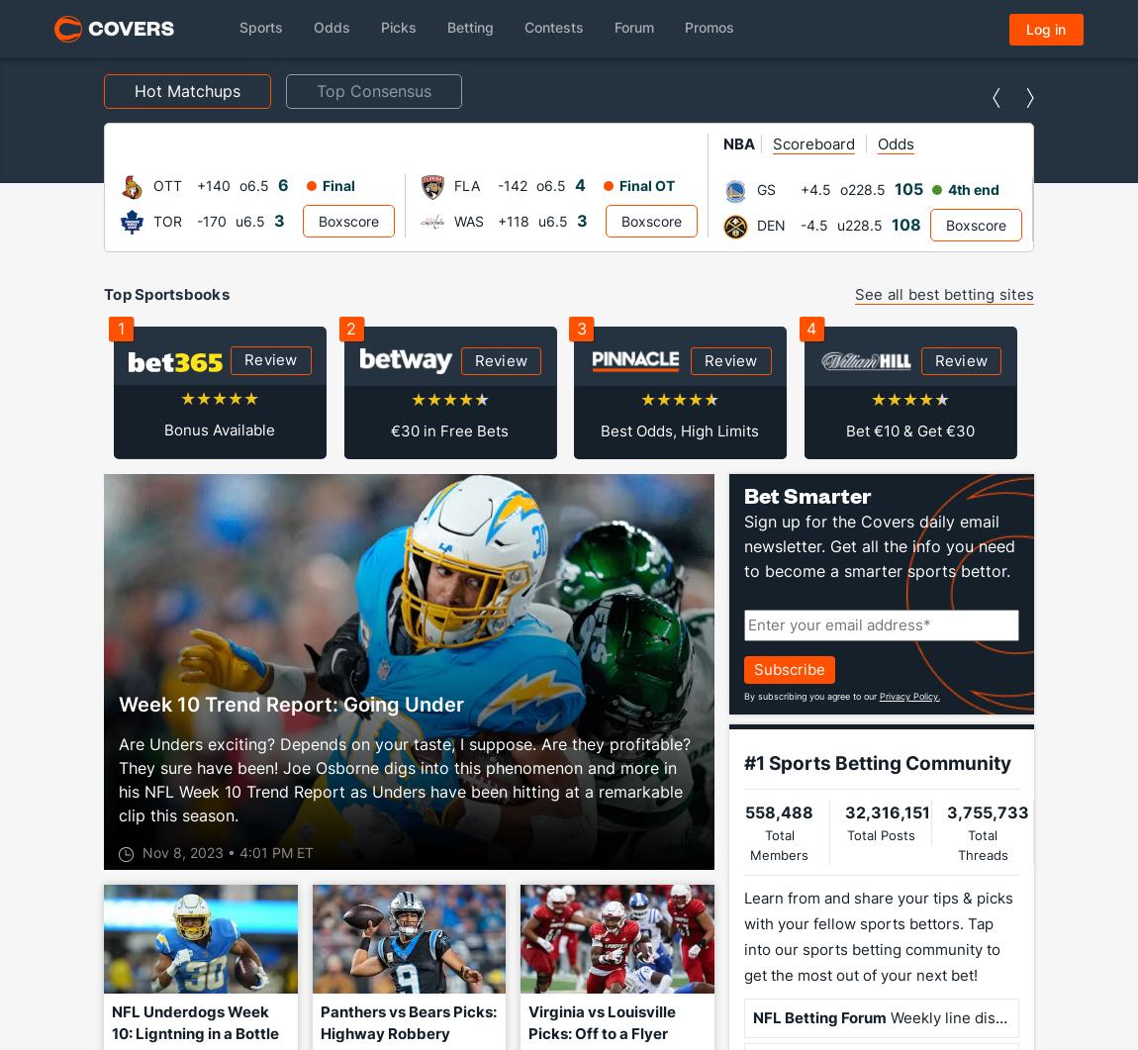  I want to click on '-142', so click(211, 183).